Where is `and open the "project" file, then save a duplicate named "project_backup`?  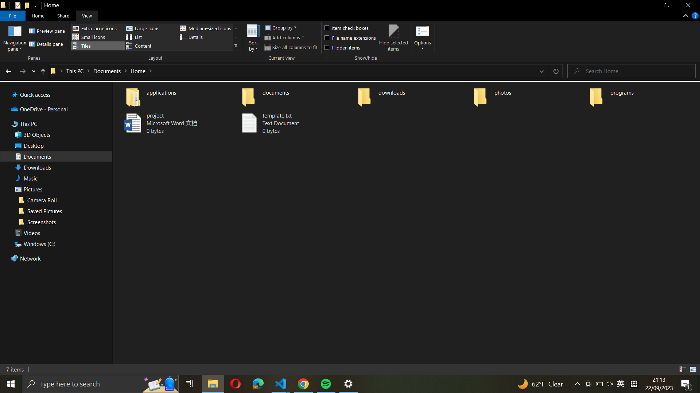 and open the "project" file, then save a duplicate named "project_backup is located at coordinates (174, 123).